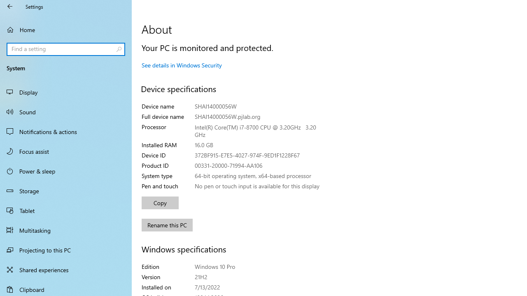 This screenshot has width=527, height=296. I want to click on 'Storage', so click(66, 191).